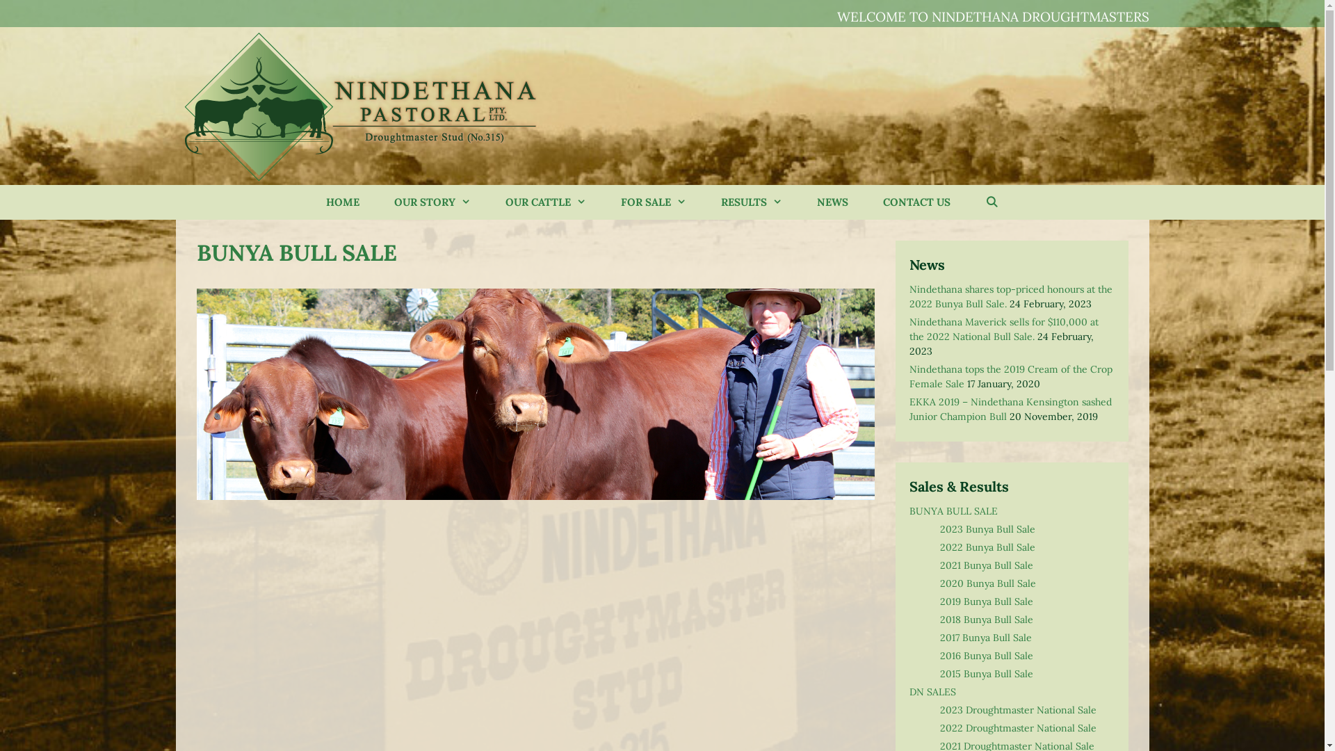 The image size is (1335, 751). What do you see at coordinates (1011, 376) in the screenshot?
I see `'Nindethana tops the 2019 Cream of the Crop Female Sale'` at bounding box center [1011, 376].